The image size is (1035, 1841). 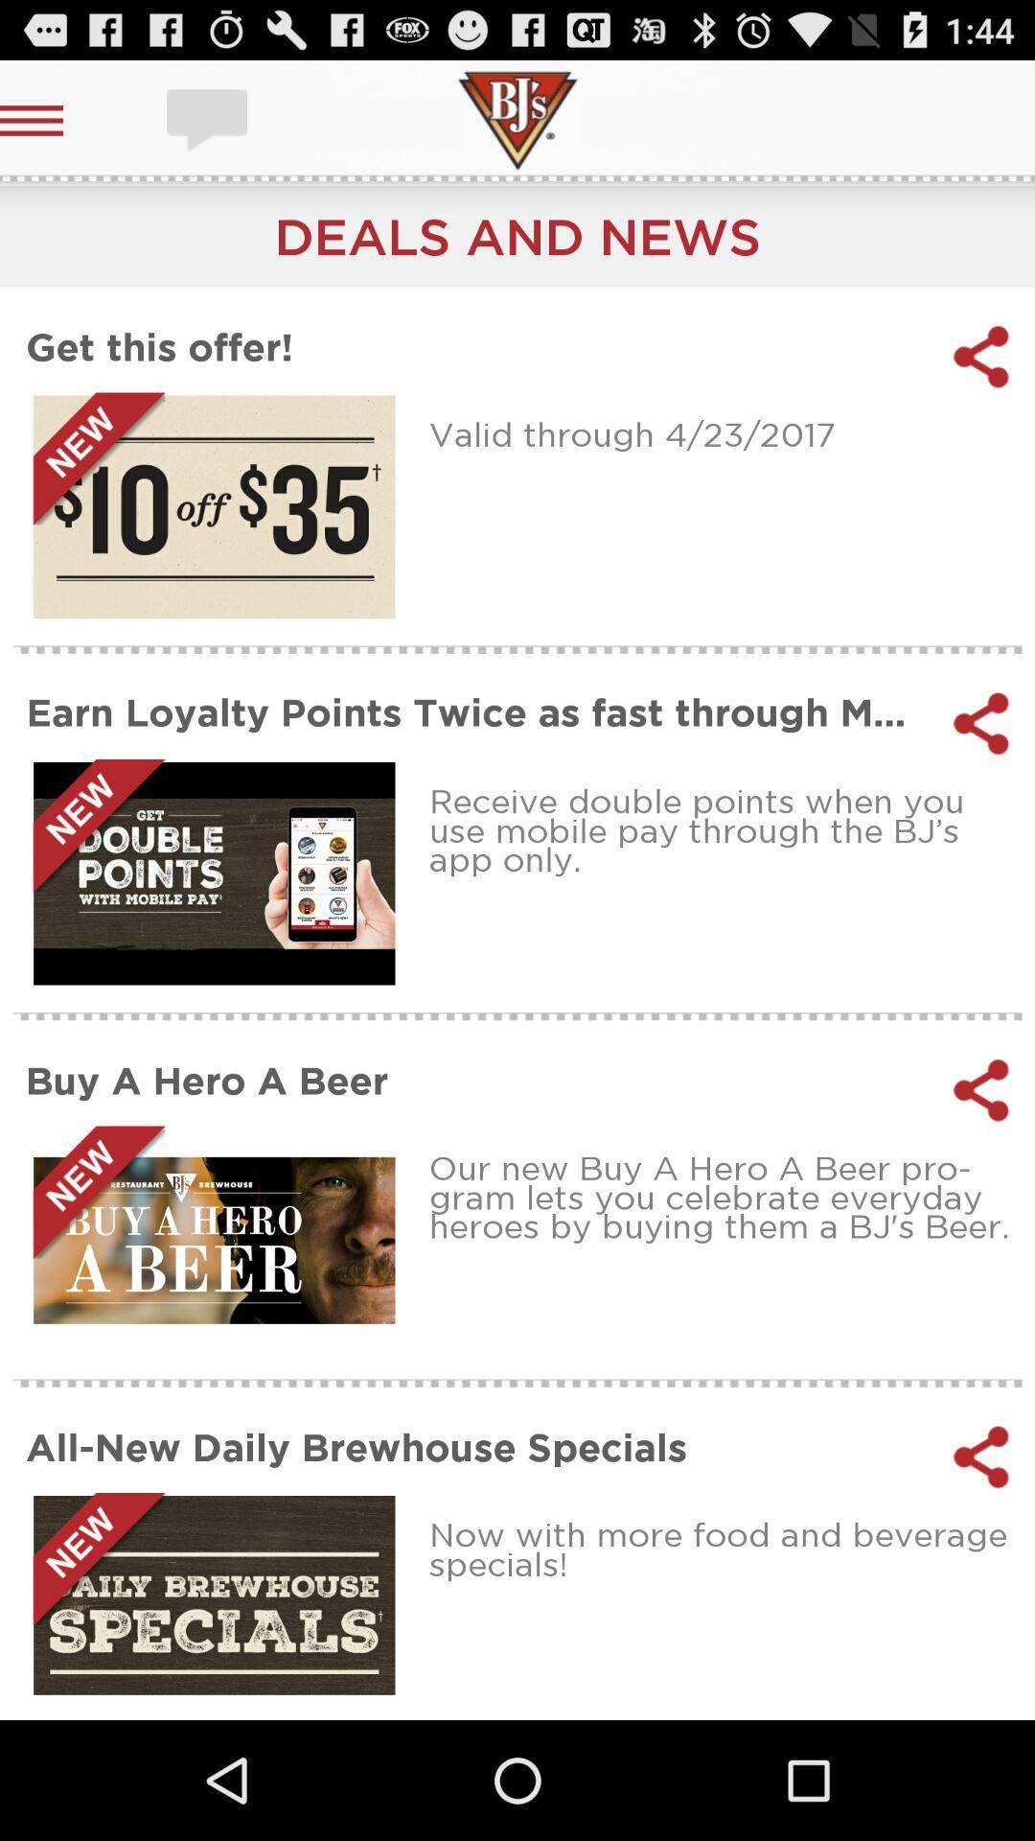 I want to click on icon above all new daily app, so click(x=725, y=1196).